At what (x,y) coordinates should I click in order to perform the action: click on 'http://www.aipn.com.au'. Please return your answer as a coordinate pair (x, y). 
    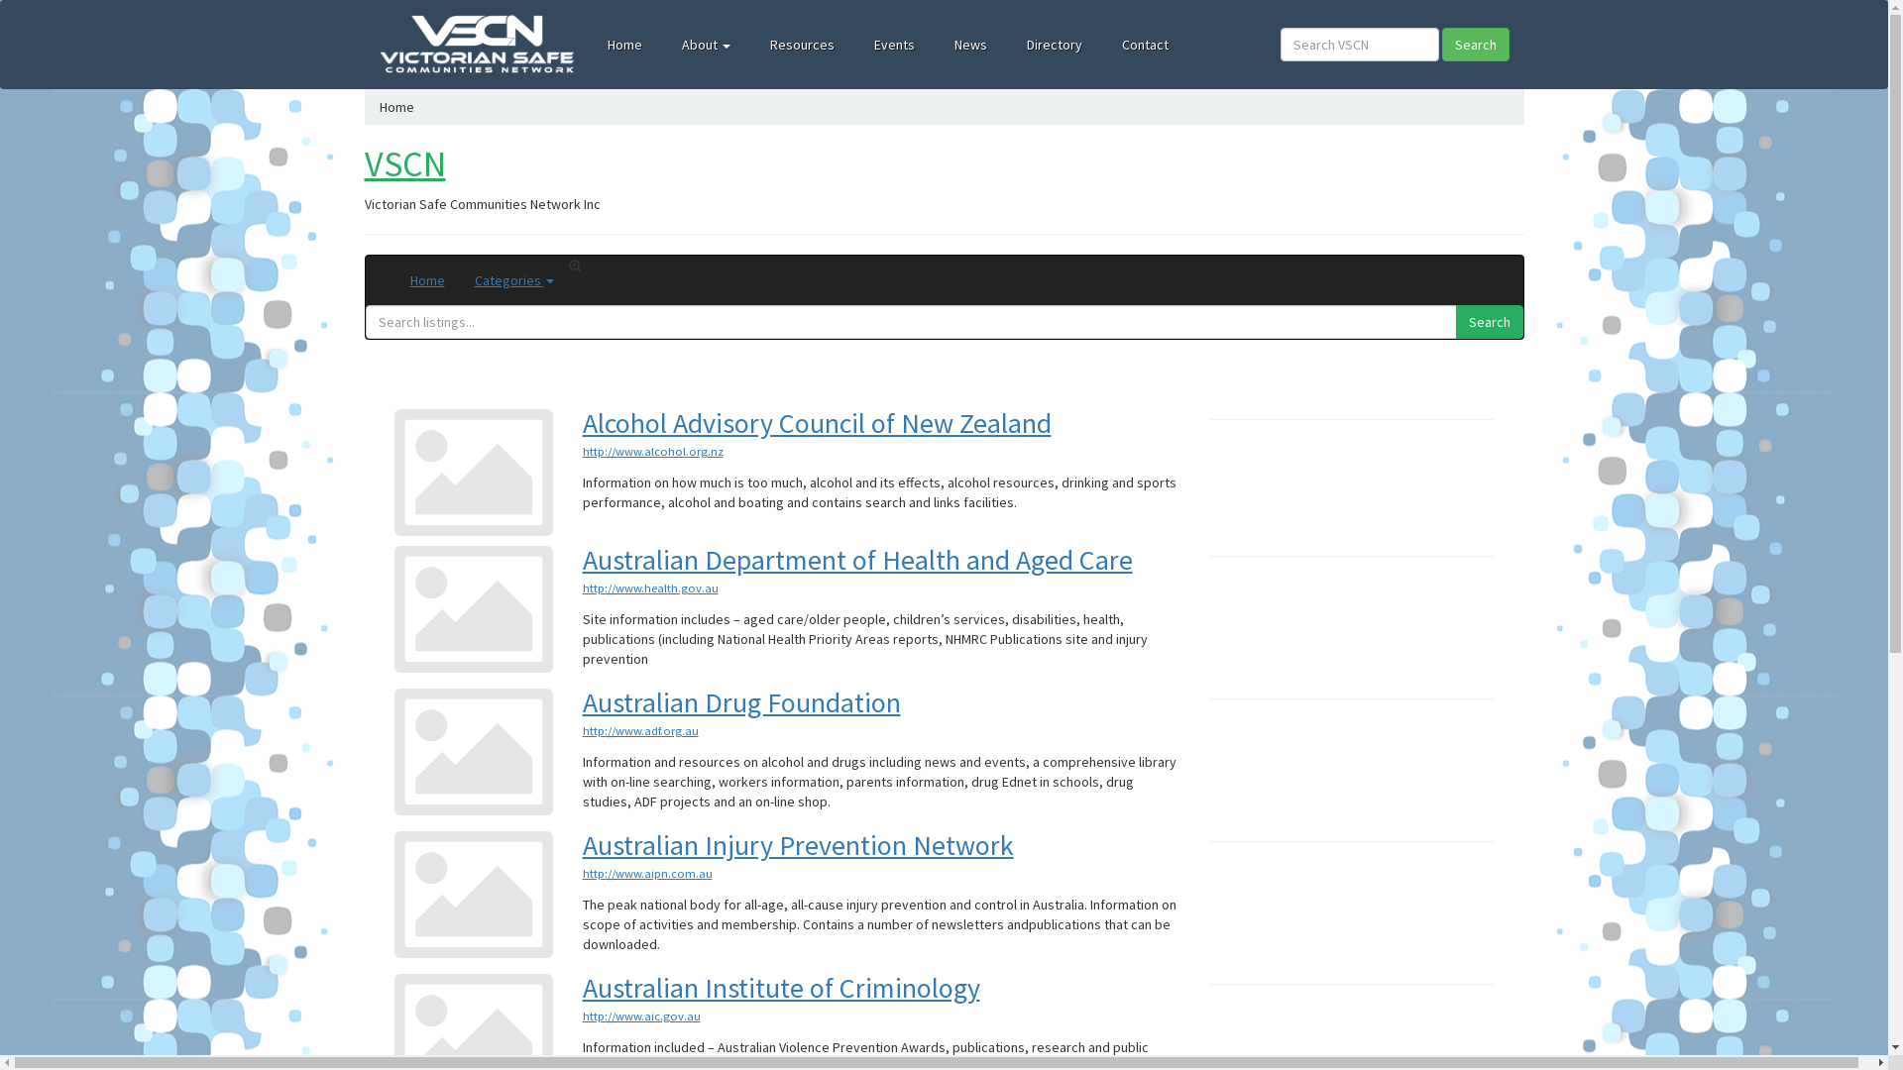
    Looking at the image, I should click on (647, 872).